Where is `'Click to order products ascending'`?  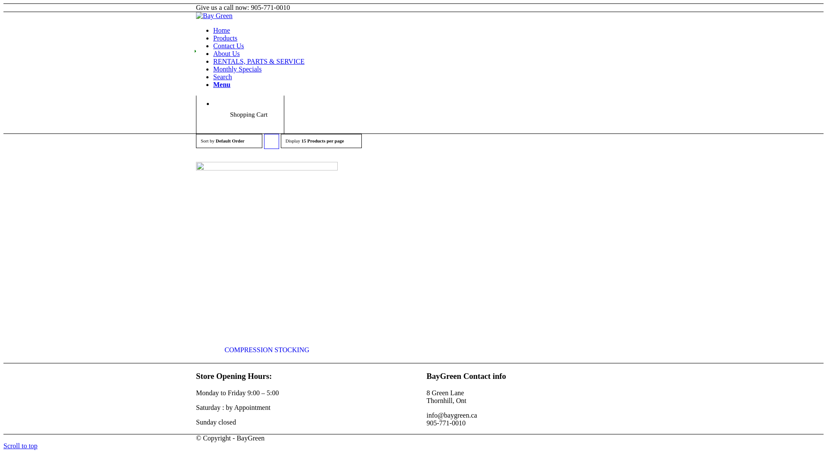
'Click to order products ascending' is located at coordinates (264, 141).